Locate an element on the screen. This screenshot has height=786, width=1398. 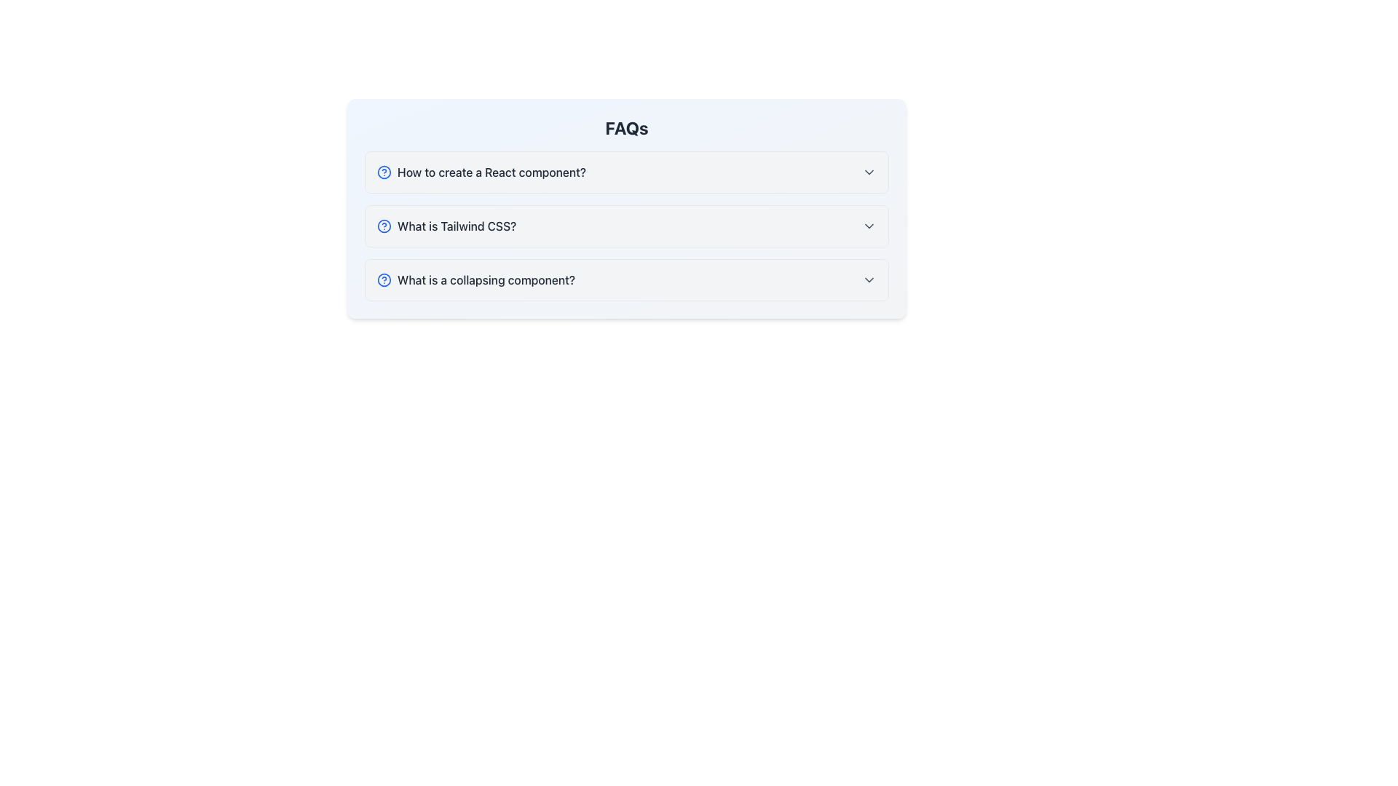
the outermost circular part of the FAQ icon next to the header 'How to create a React component?' is located at coordinates (384, 171).